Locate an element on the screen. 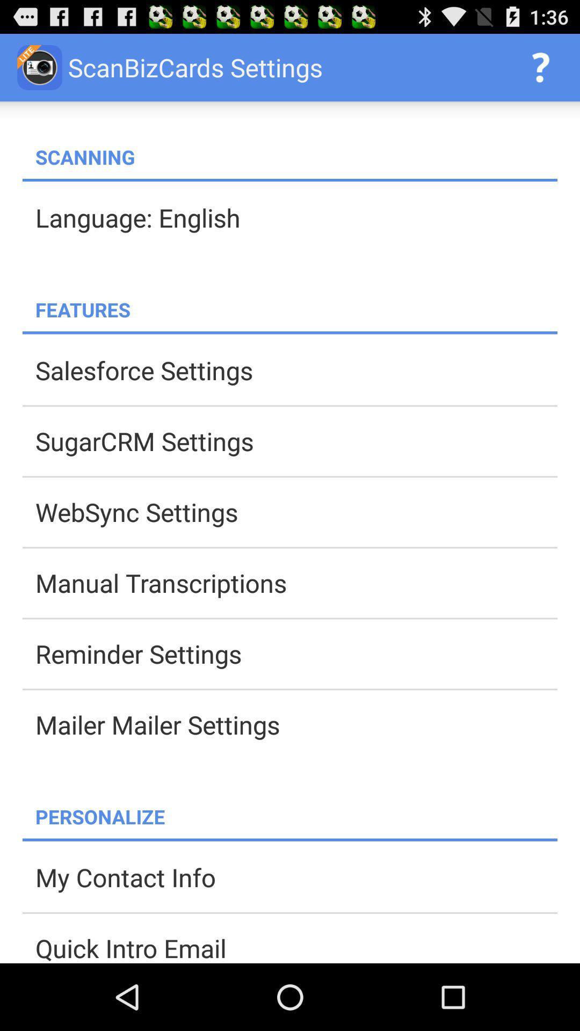 This screenshot has height=1031, width=580. top right corner button is located at coordinates (540, 67).